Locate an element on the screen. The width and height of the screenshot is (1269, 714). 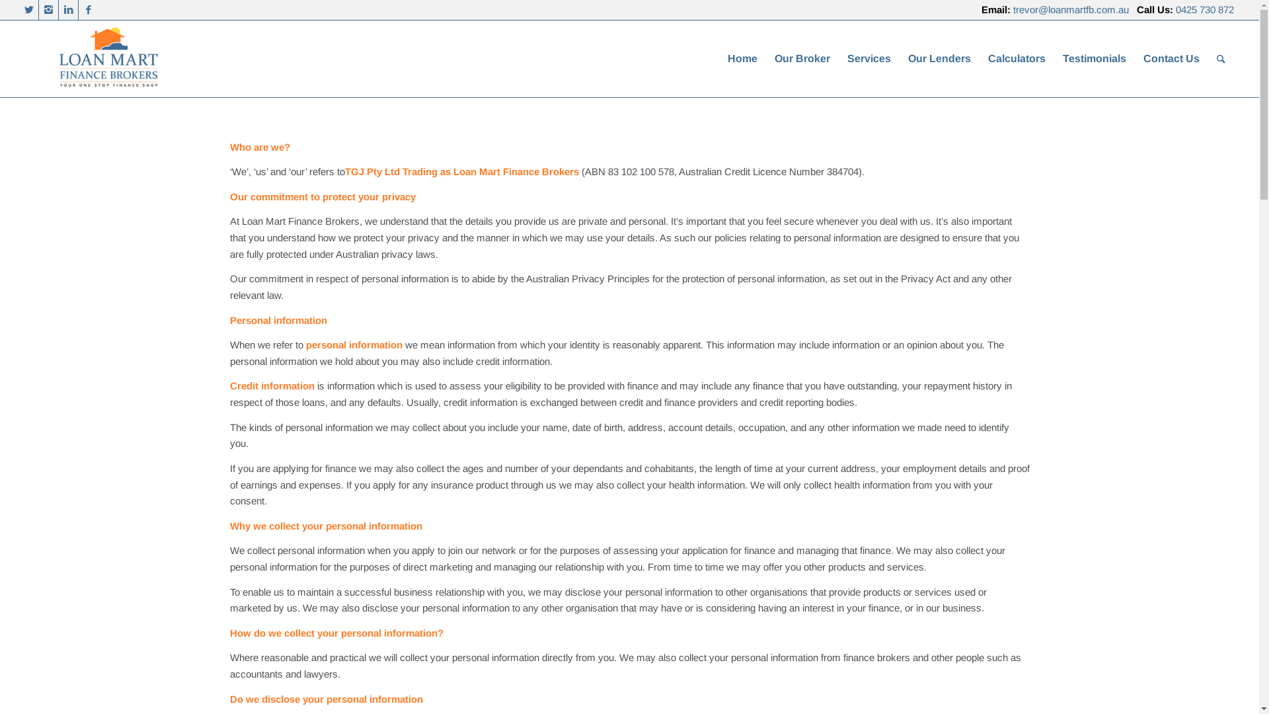
'Testimonials' is located at coordinates (1095, 58).